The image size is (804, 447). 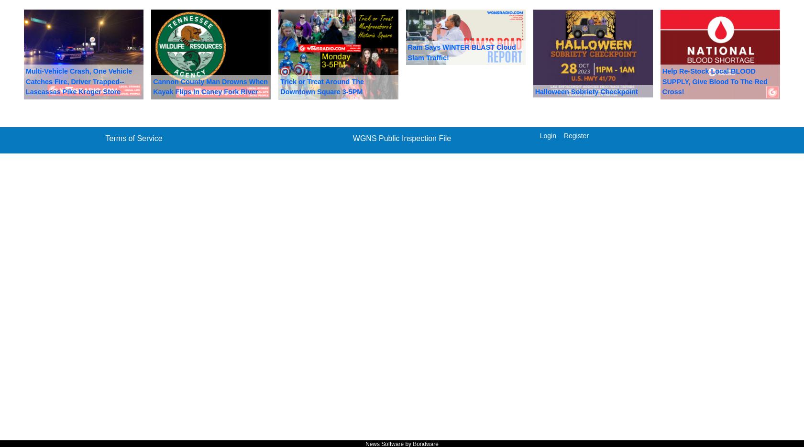 What do you see at coordinates (586, 91) in the screenshot?
I see `'Halloween Sobriety Checkpoint'` at bounding box center [586, 91].